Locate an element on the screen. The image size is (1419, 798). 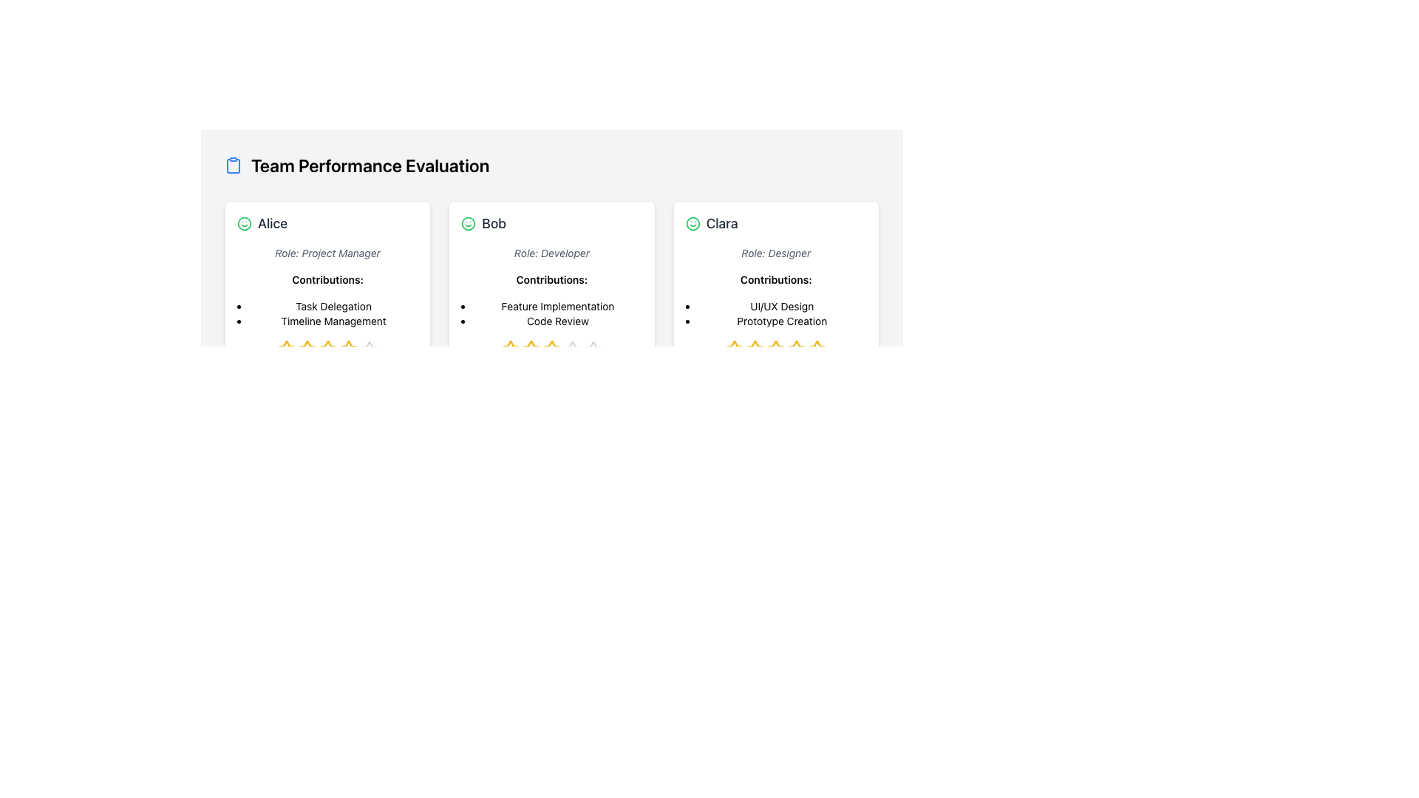
the text label with the bold 'Bob' and the green smiley face icon located at the header of the card layout is located at coordinates (551, 224).